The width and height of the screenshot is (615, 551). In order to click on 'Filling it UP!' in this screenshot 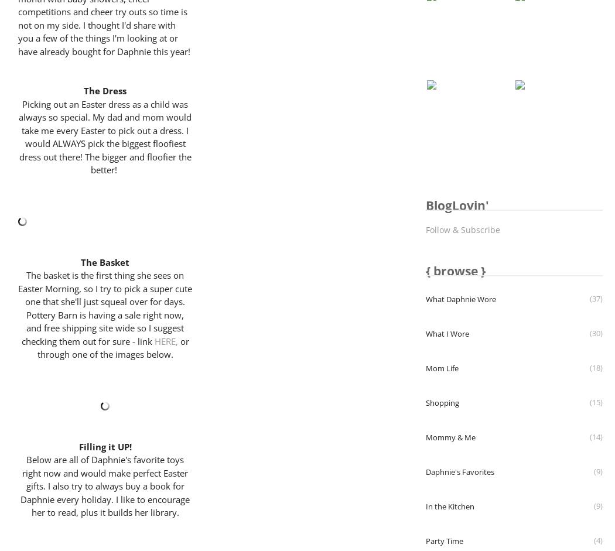, I will do `click(105, 446)`.